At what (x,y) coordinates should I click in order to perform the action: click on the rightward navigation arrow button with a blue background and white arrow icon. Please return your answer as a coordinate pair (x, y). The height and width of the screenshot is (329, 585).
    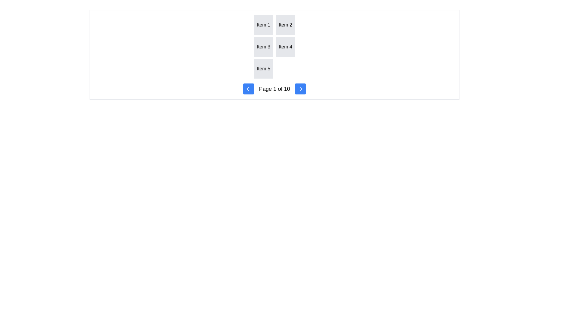
    Looking at the image, I should click on (300, 89).